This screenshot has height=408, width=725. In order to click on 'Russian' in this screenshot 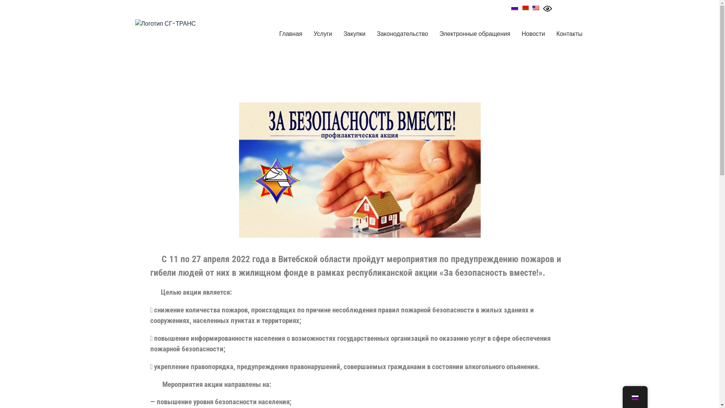, I will do `click(511, 8)`.